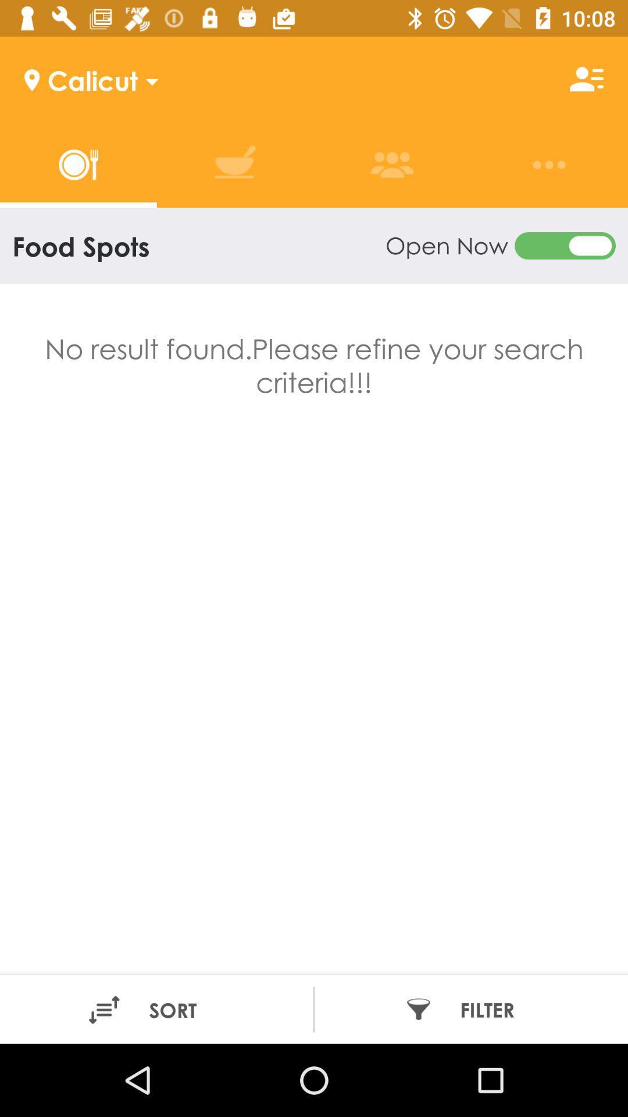 The width and height of the screenshot is (628, 1117). I want to click on the 3 dots, so click(549, 164).